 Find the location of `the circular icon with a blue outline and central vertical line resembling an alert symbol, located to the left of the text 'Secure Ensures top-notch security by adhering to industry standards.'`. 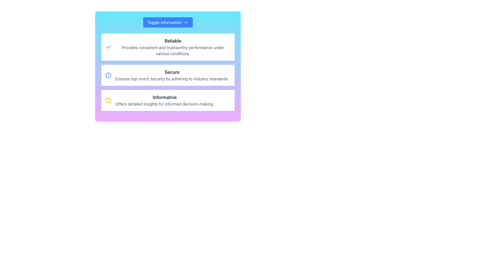

the circular icon with a blue outline and central vertical line resembling an alert symbol, located to the left of the text 'Secure Ensures top-notch security by adhering to industry standards.' is located at coordinates (108, 75).